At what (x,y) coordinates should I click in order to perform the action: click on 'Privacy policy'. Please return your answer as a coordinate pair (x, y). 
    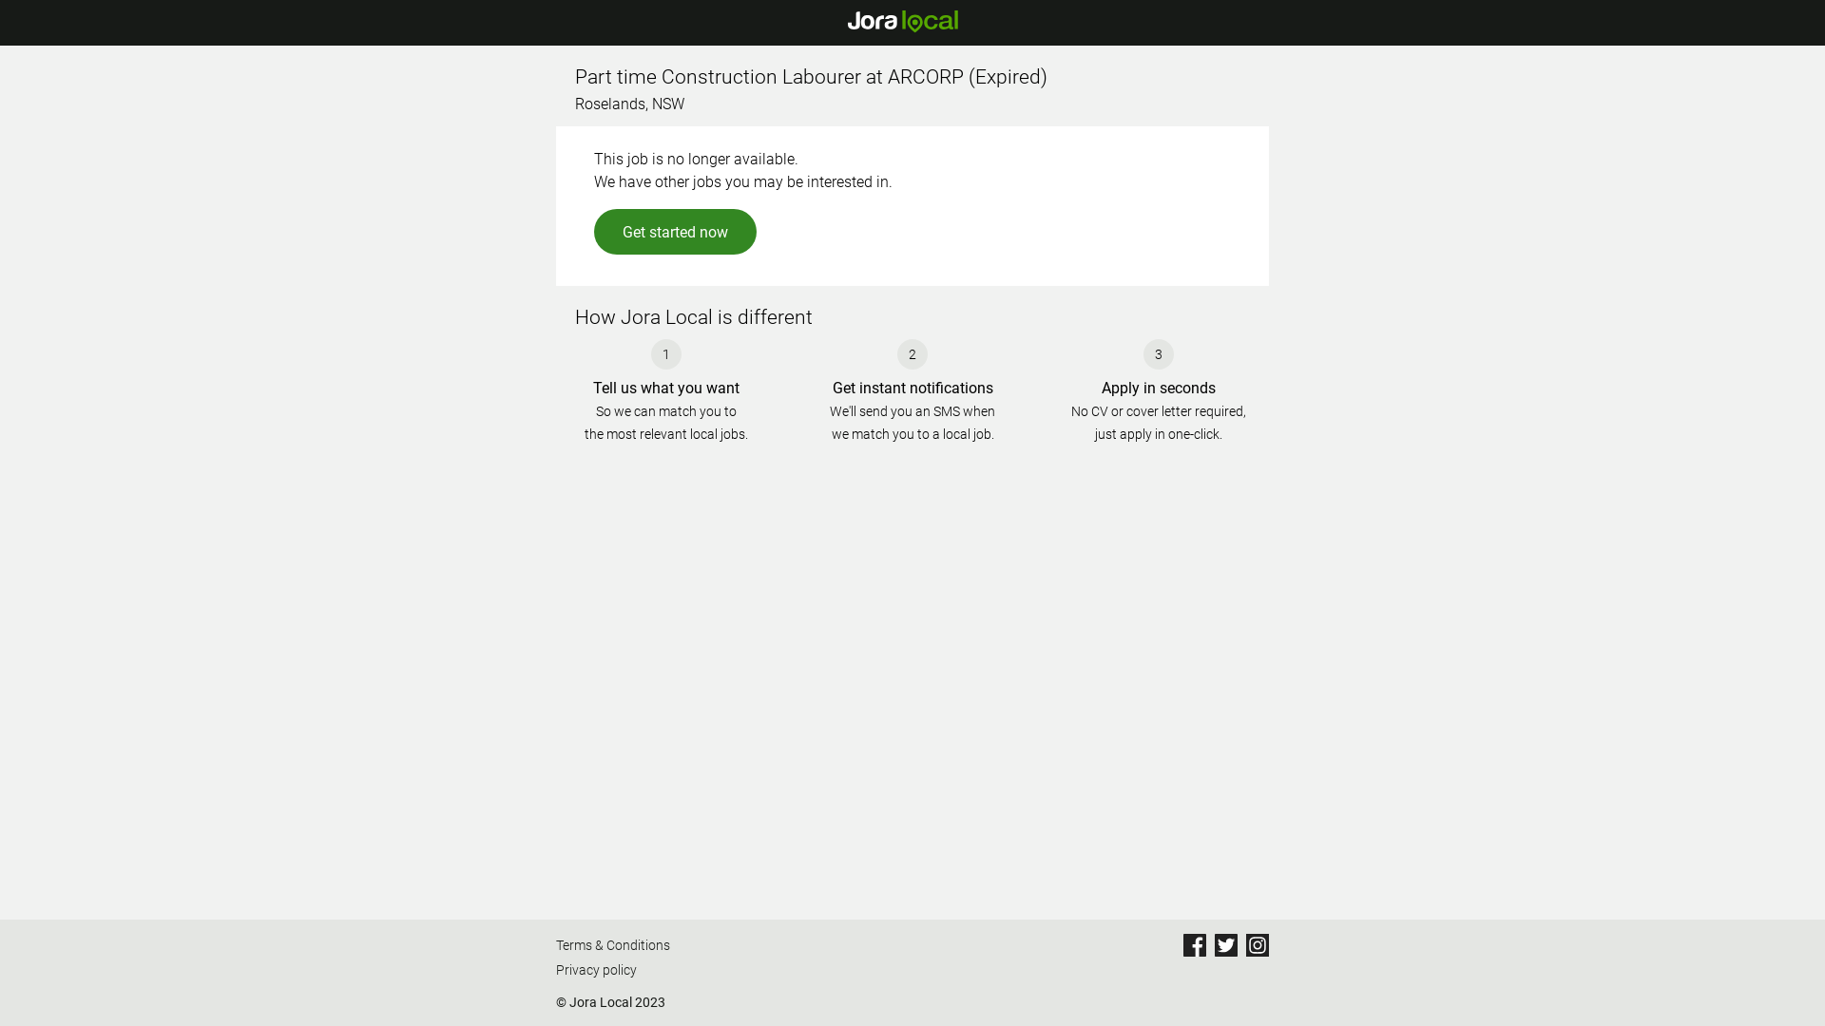
    Looking at the image, I should click on (555, 971).